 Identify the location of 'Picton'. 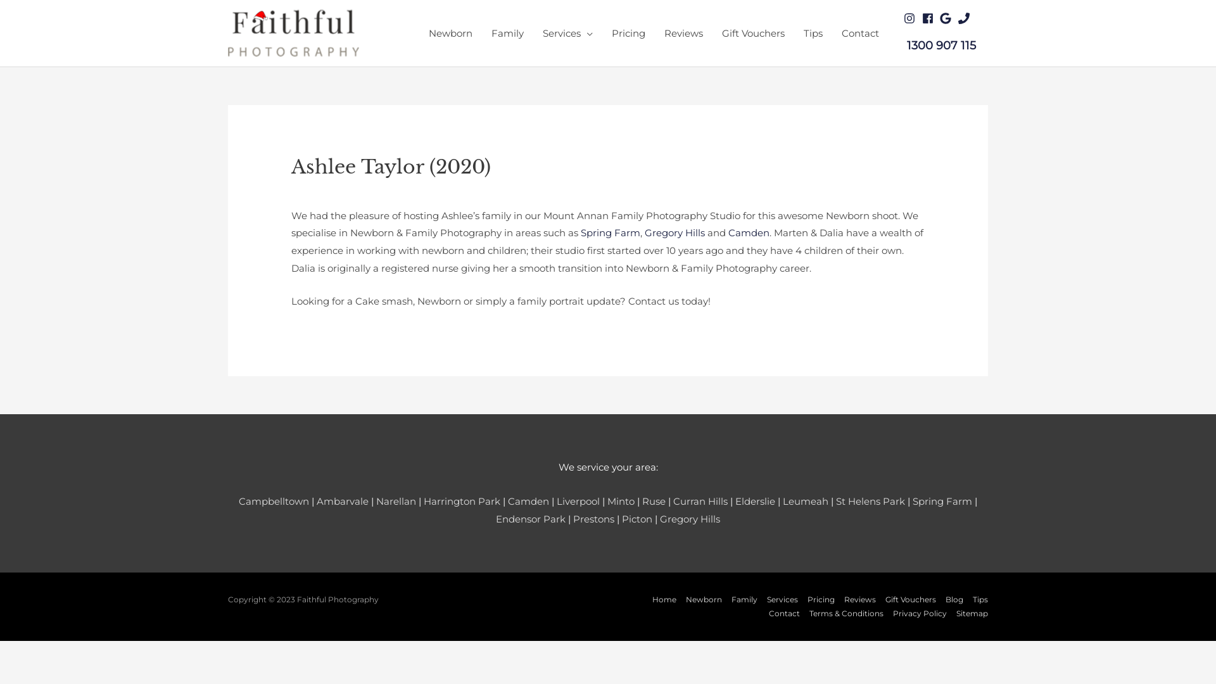
(637, 519).